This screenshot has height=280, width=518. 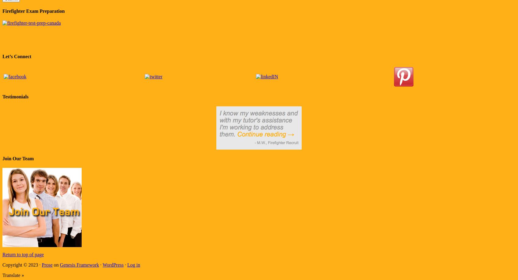 I want to click on 'Firefighter Exam Preparation', so click(x=33, y=11).